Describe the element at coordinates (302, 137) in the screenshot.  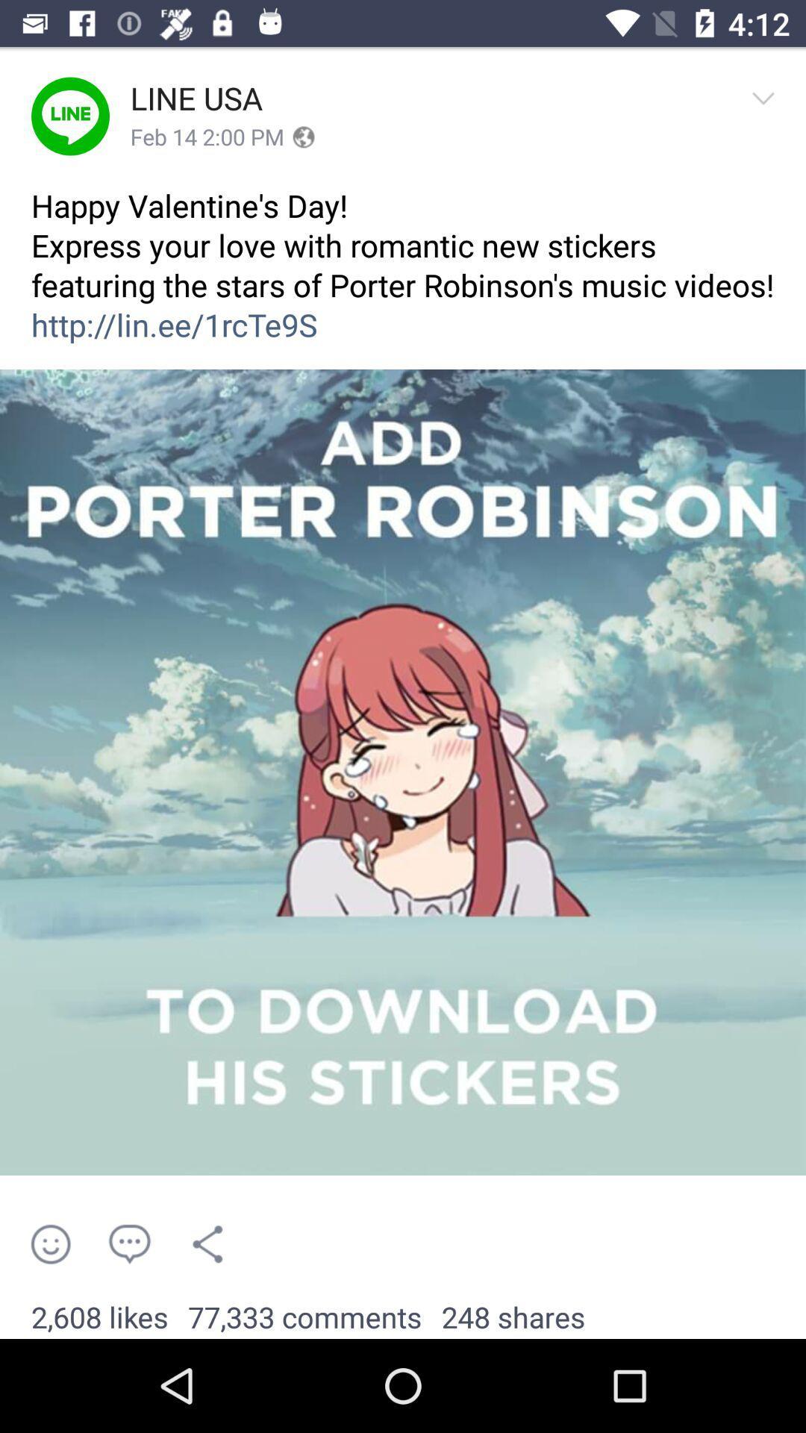
I see `the icon next to feb 14 2` at that location.